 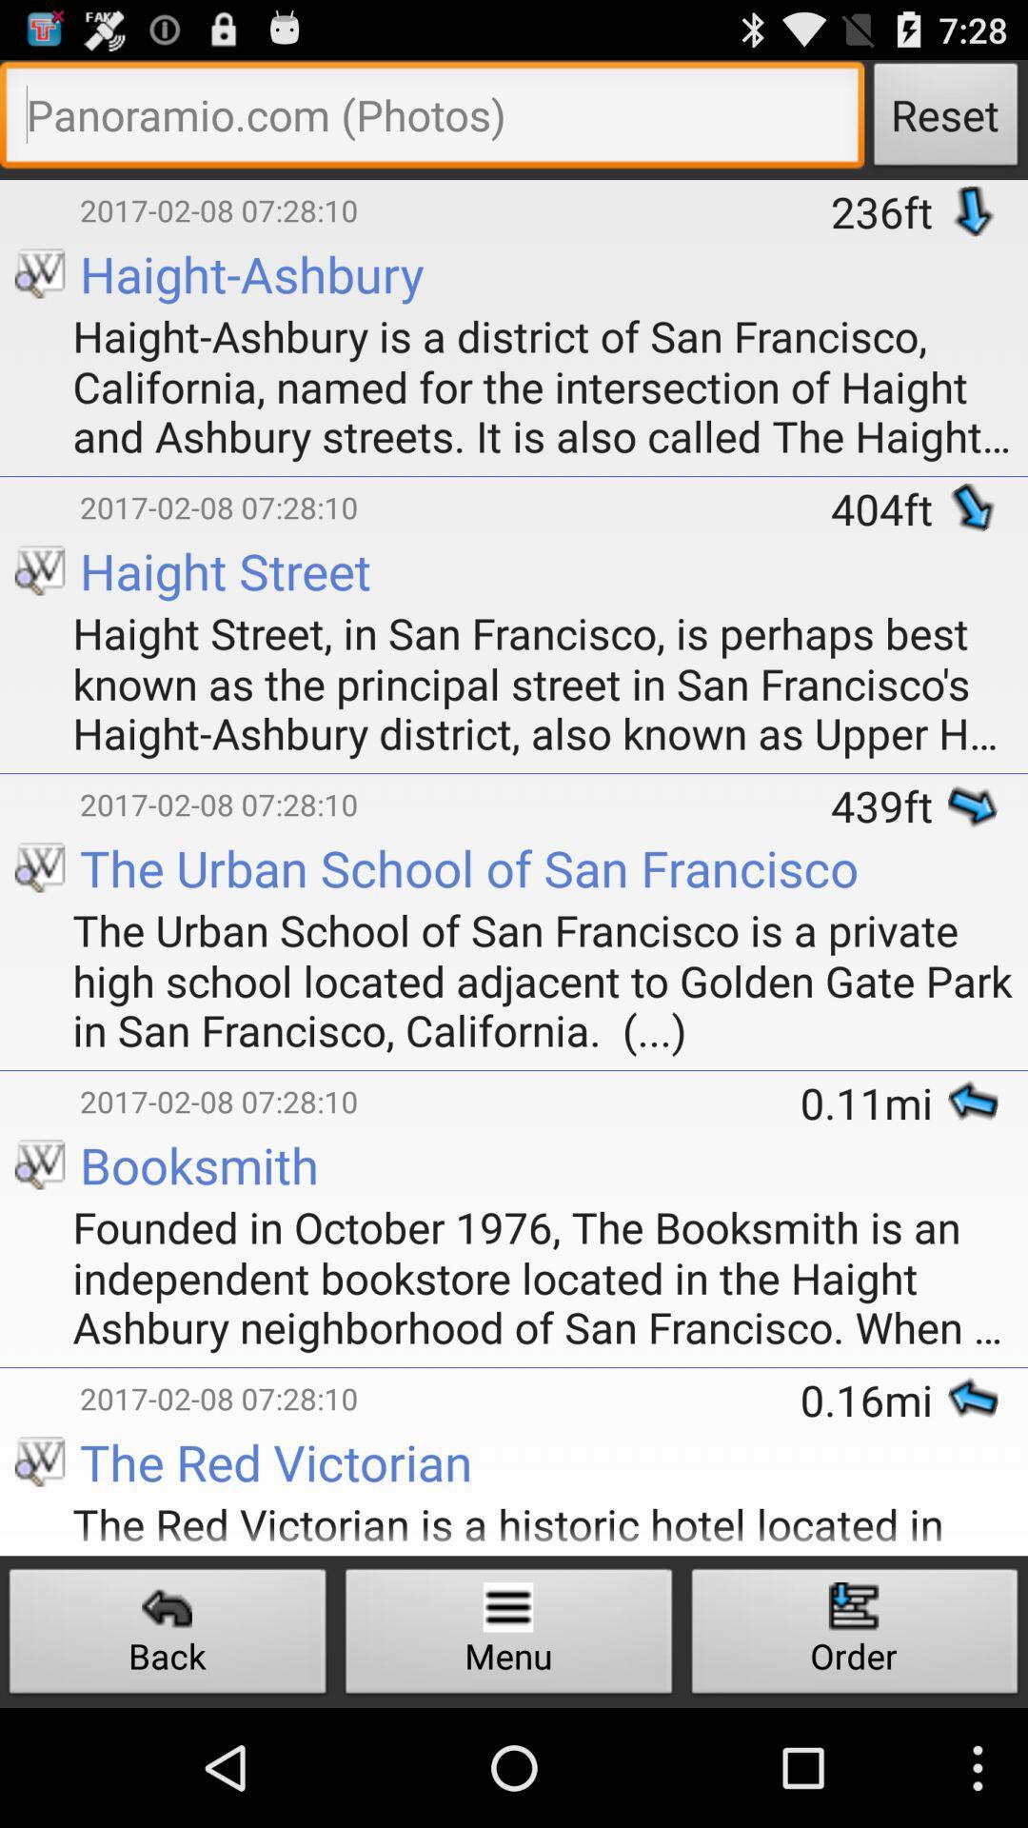 What do you see at coordinates (889, 805) in the screenshot?
I see `the item to the right of 2017 02 08 item` at bounding box center [889, 805].